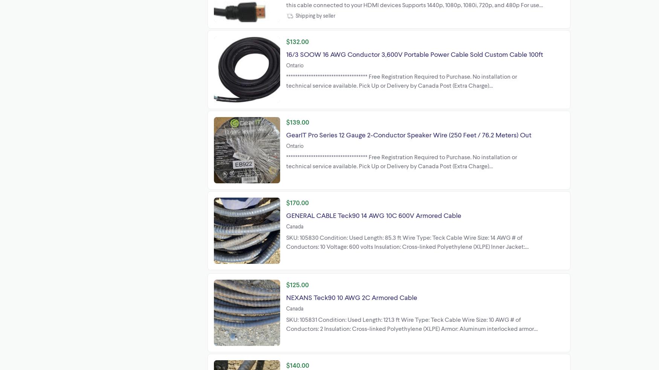 The image size is (659, 370). I want to click on '$139.00', so click(297, 122).